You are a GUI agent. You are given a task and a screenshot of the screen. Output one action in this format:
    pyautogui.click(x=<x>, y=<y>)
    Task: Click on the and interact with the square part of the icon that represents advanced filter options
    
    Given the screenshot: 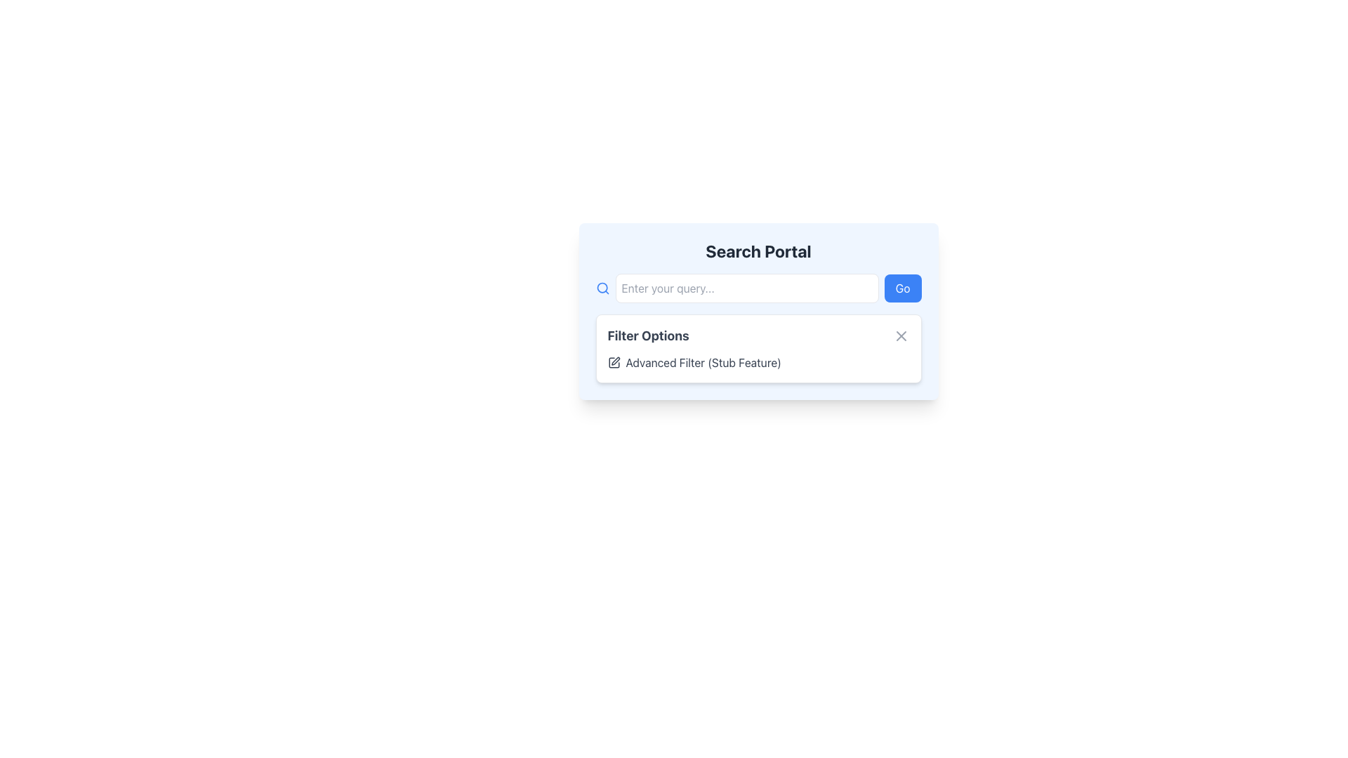 What is the action you would take?
    pyautogui.click(x=614, y=361)
    